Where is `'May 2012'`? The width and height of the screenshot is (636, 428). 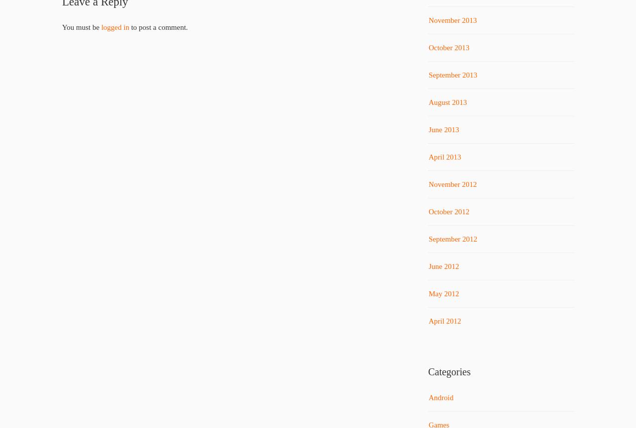 'May 2012' is located at coordinates (443, 293).